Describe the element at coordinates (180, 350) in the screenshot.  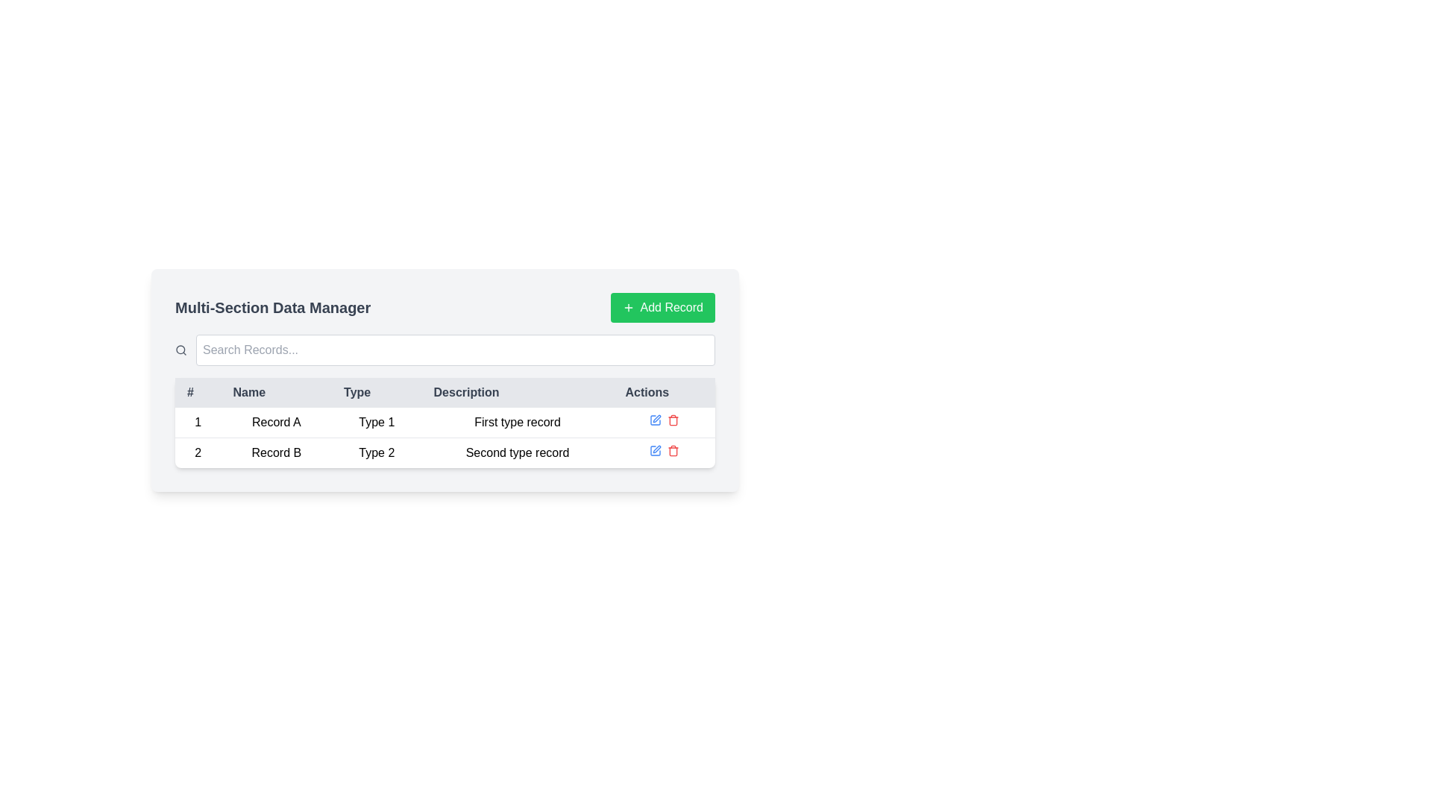
I see `the non-interactive visual circle component of the magnifying glass icon located near the top left corner of the 'Search Records' input field` at that location.